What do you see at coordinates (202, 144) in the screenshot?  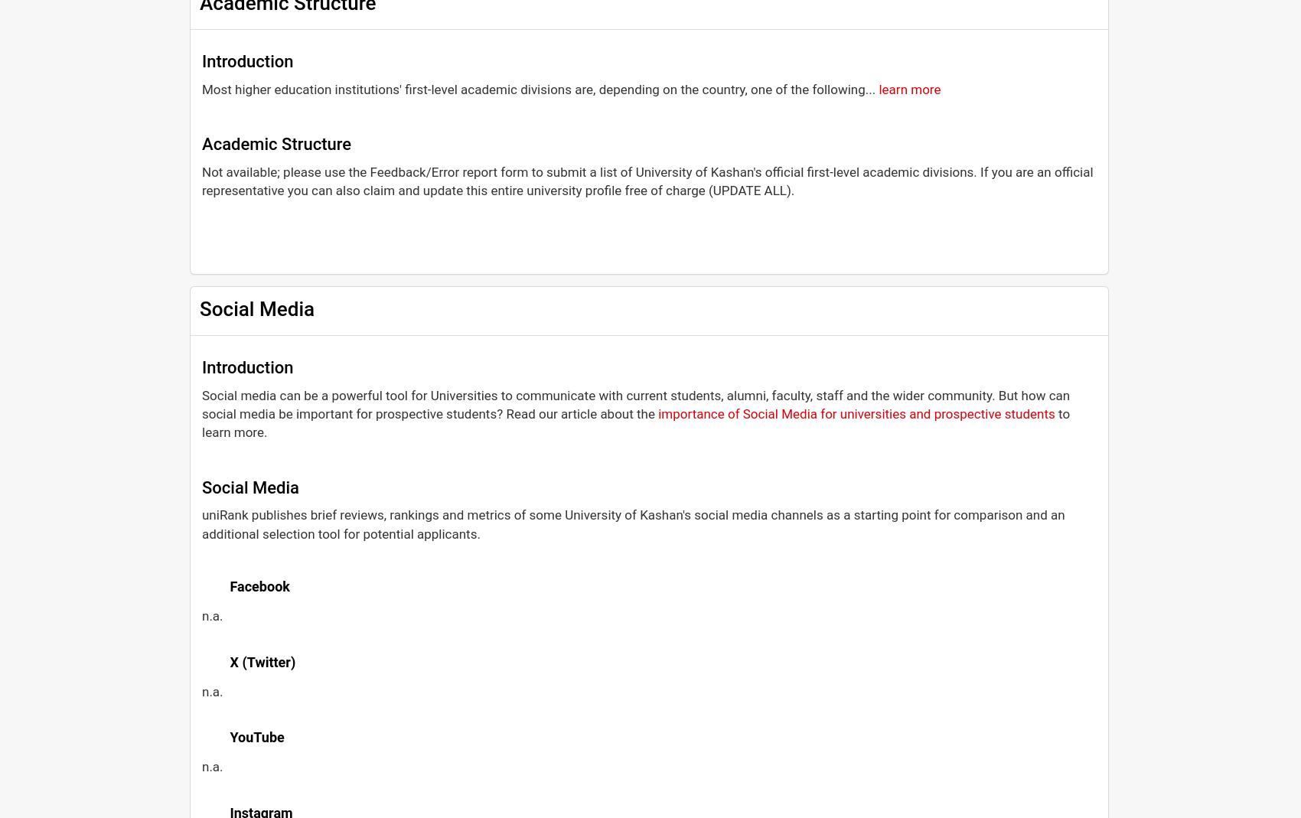 I see `'Academic Structure'` at bounding box center [202, 144].